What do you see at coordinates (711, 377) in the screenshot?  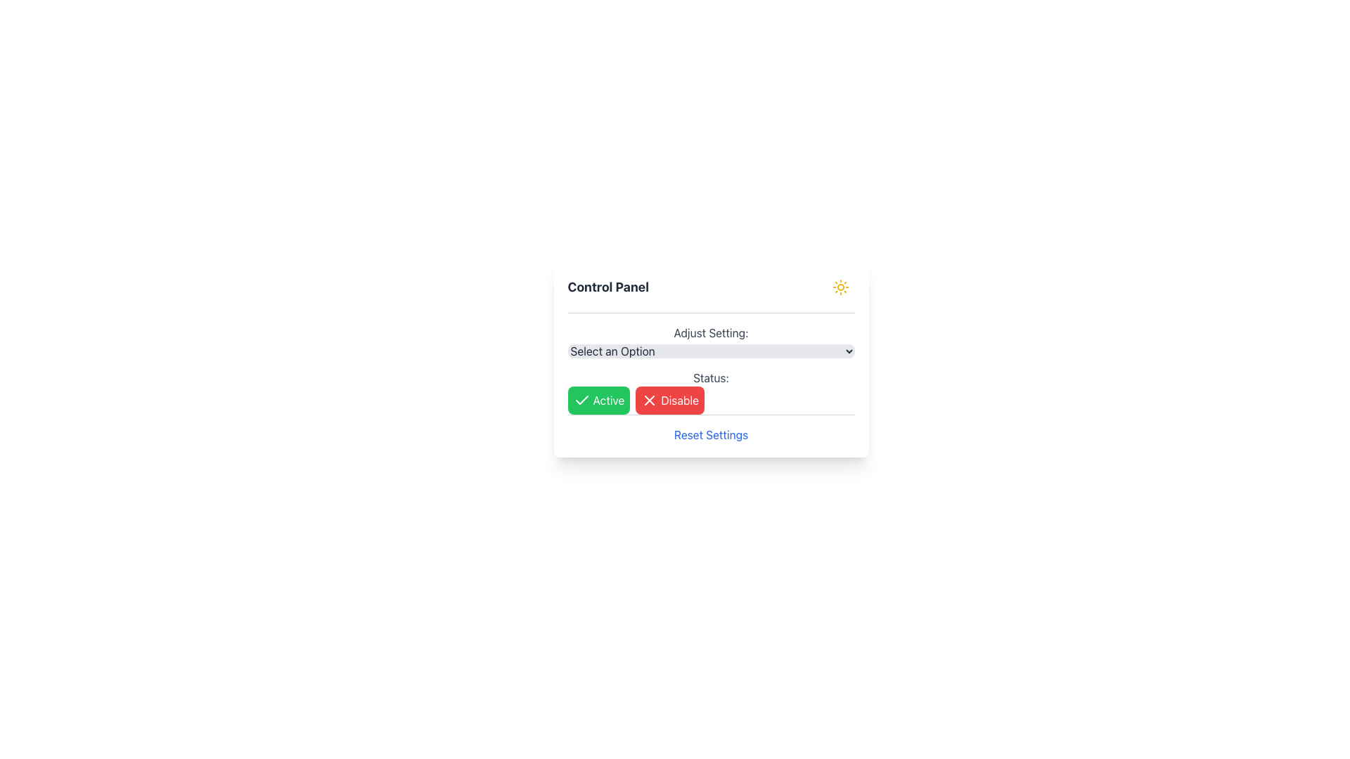 I see `the text label reading 'Status:' styled with a gray font, which is located above the 'Active' and 'Disable' buttons` at bounding box center [711, 377].